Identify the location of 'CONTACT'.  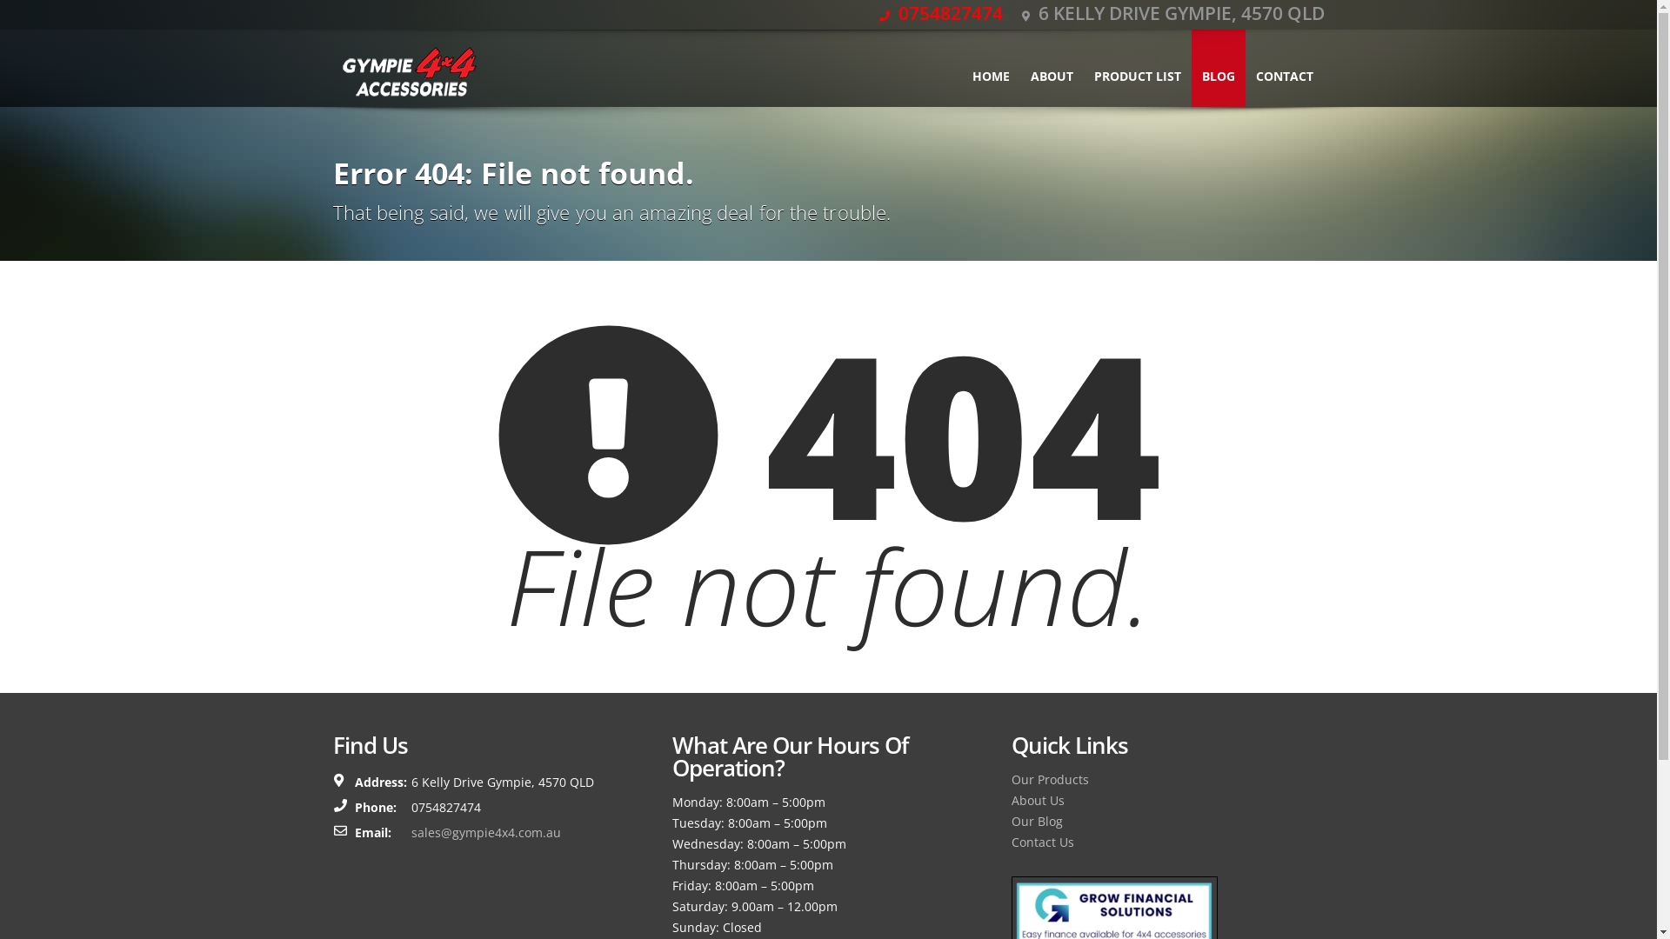
(1285, 67).